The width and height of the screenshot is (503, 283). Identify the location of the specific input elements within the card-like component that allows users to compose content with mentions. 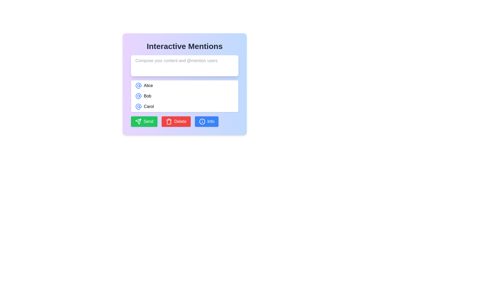
(185, 84).